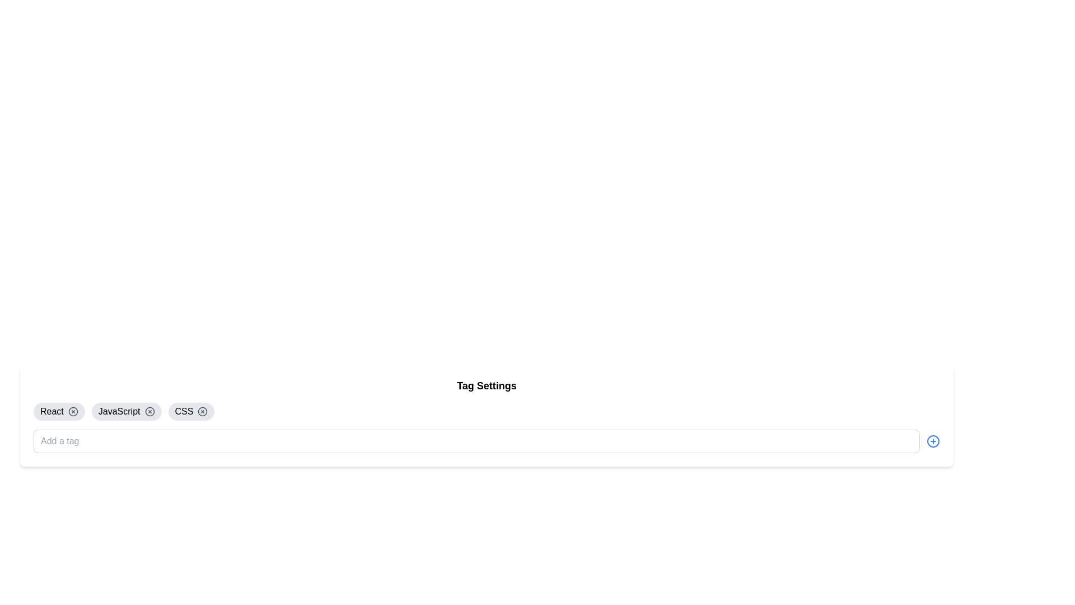  Describe the element at coordinates (119, 412) in the screenshot. I see `the second tag in the 'Tag Settings' section, which is positioned to the immediate right of the 'React' tag and to the left of the 'CSS' tag` at that location.